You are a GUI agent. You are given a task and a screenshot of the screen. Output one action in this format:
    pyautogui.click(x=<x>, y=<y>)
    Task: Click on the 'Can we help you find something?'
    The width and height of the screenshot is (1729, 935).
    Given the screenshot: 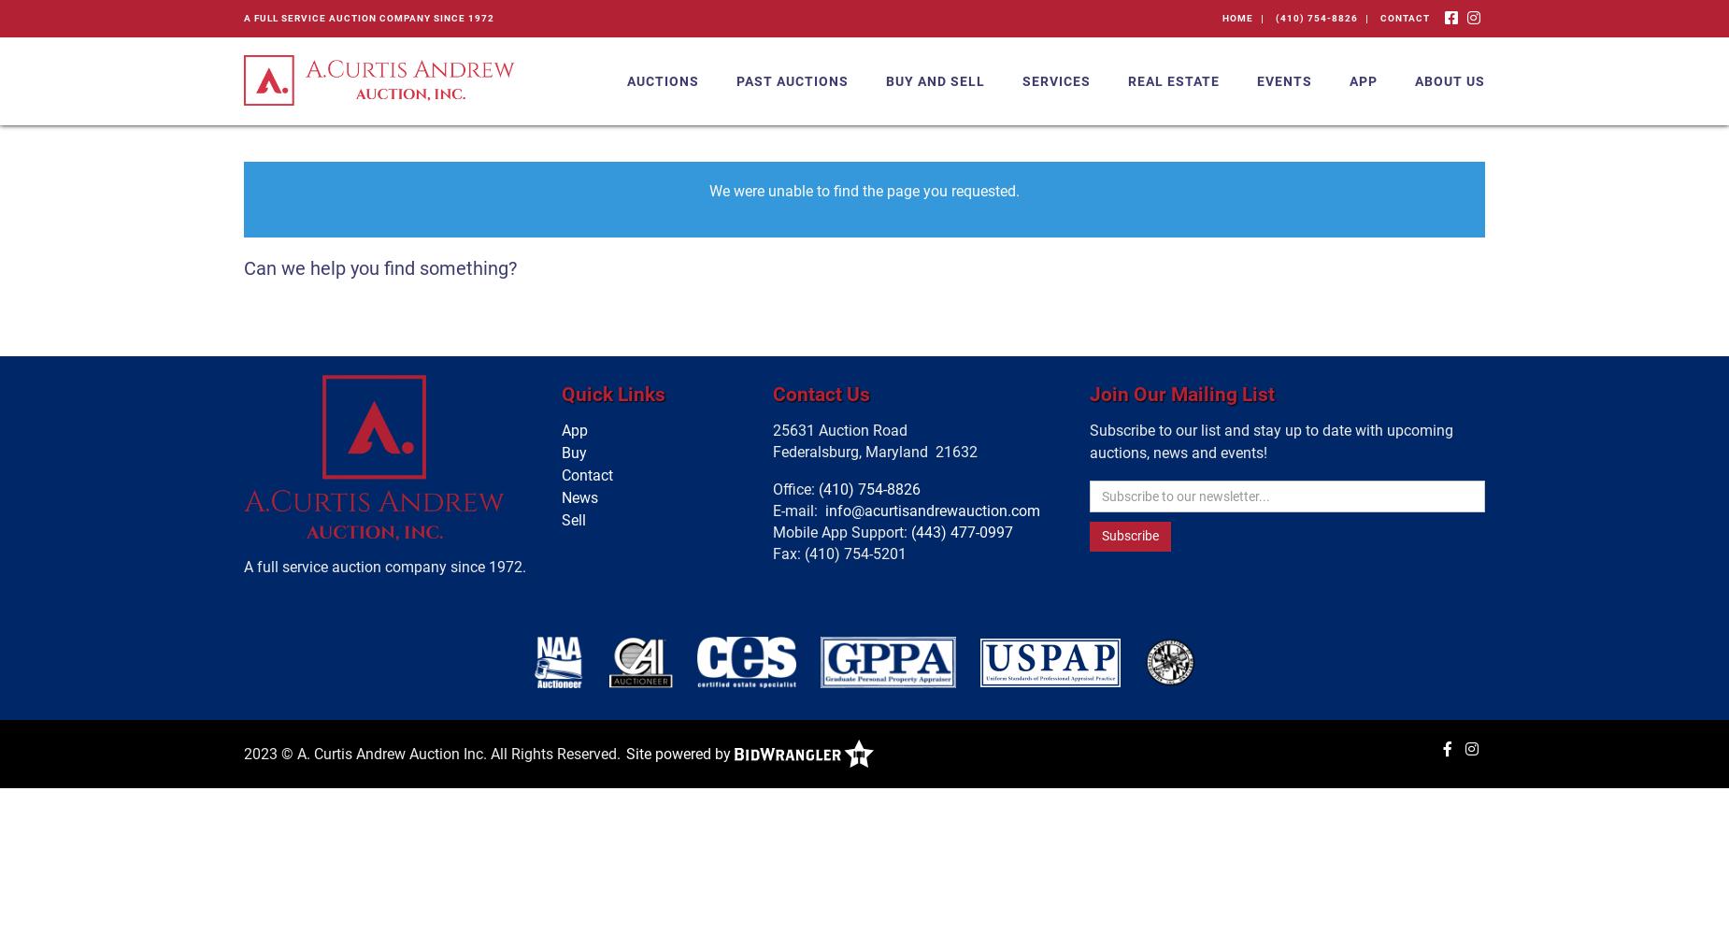 What is the action you would take?
    pyautogui.click(x=379, y=268)
    